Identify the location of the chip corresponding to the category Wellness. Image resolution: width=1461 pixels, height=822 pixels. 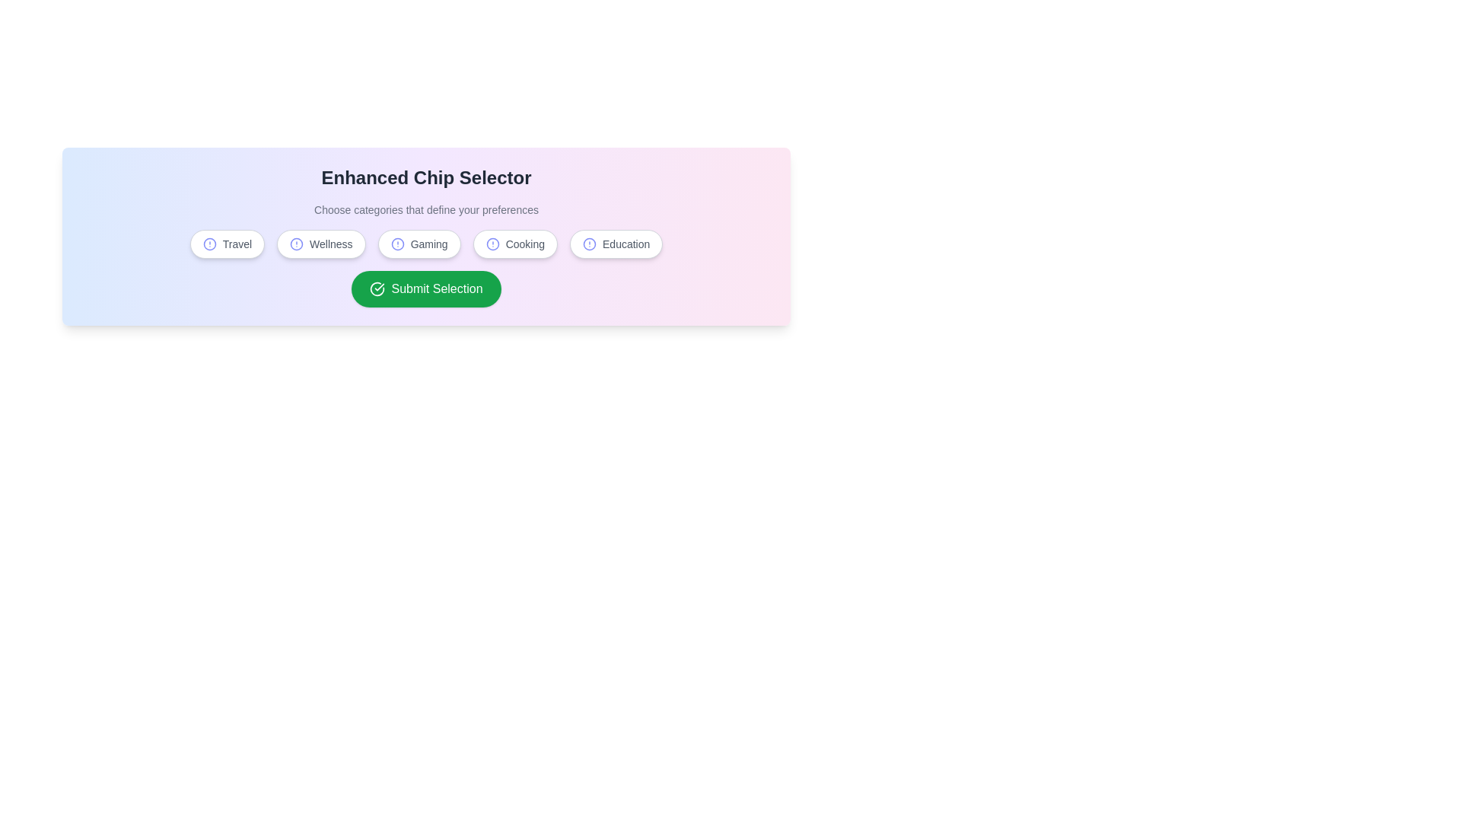
(320, 243).